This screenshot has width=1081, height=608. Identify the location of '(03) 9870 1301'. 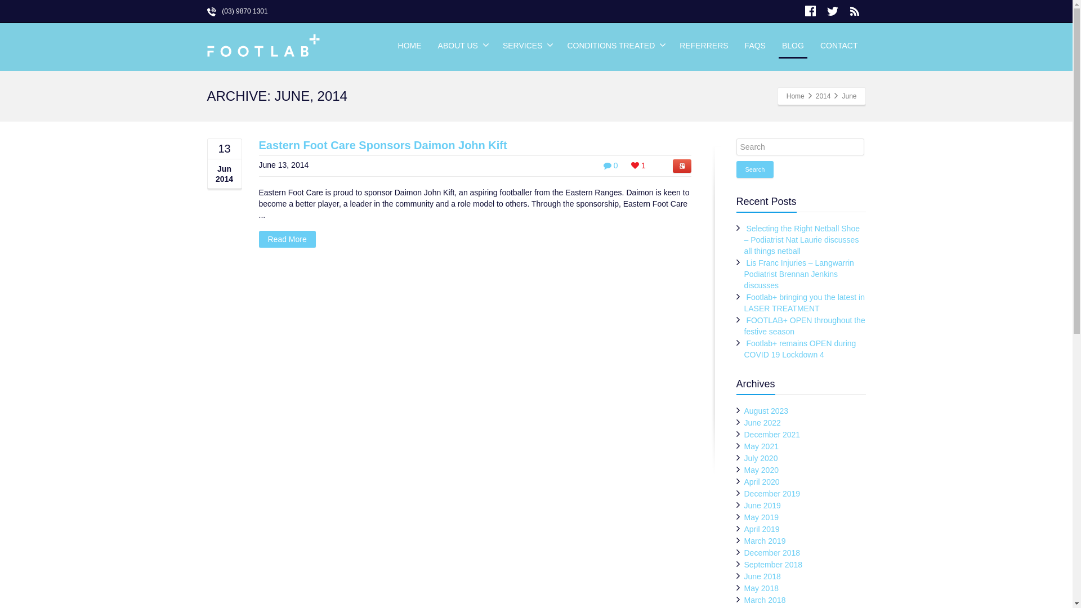
(237, 11).